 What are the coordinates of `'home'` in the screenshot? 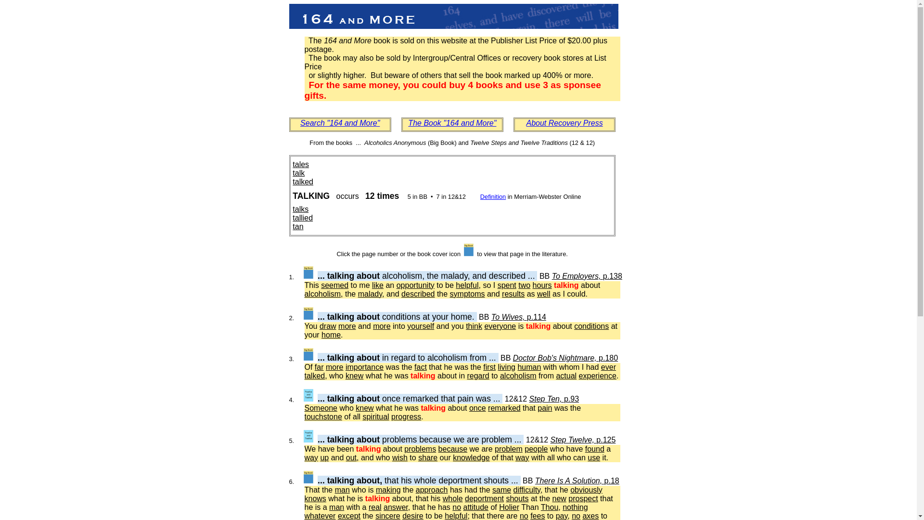 It's located at (331, 334).